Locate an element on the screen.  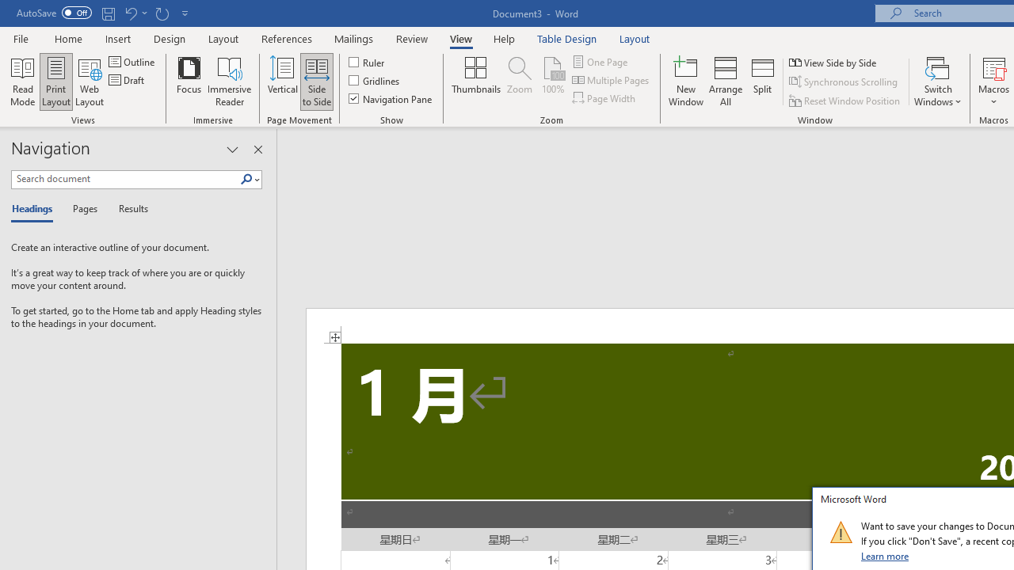
'New Window' is located at coordinates (686, 82).